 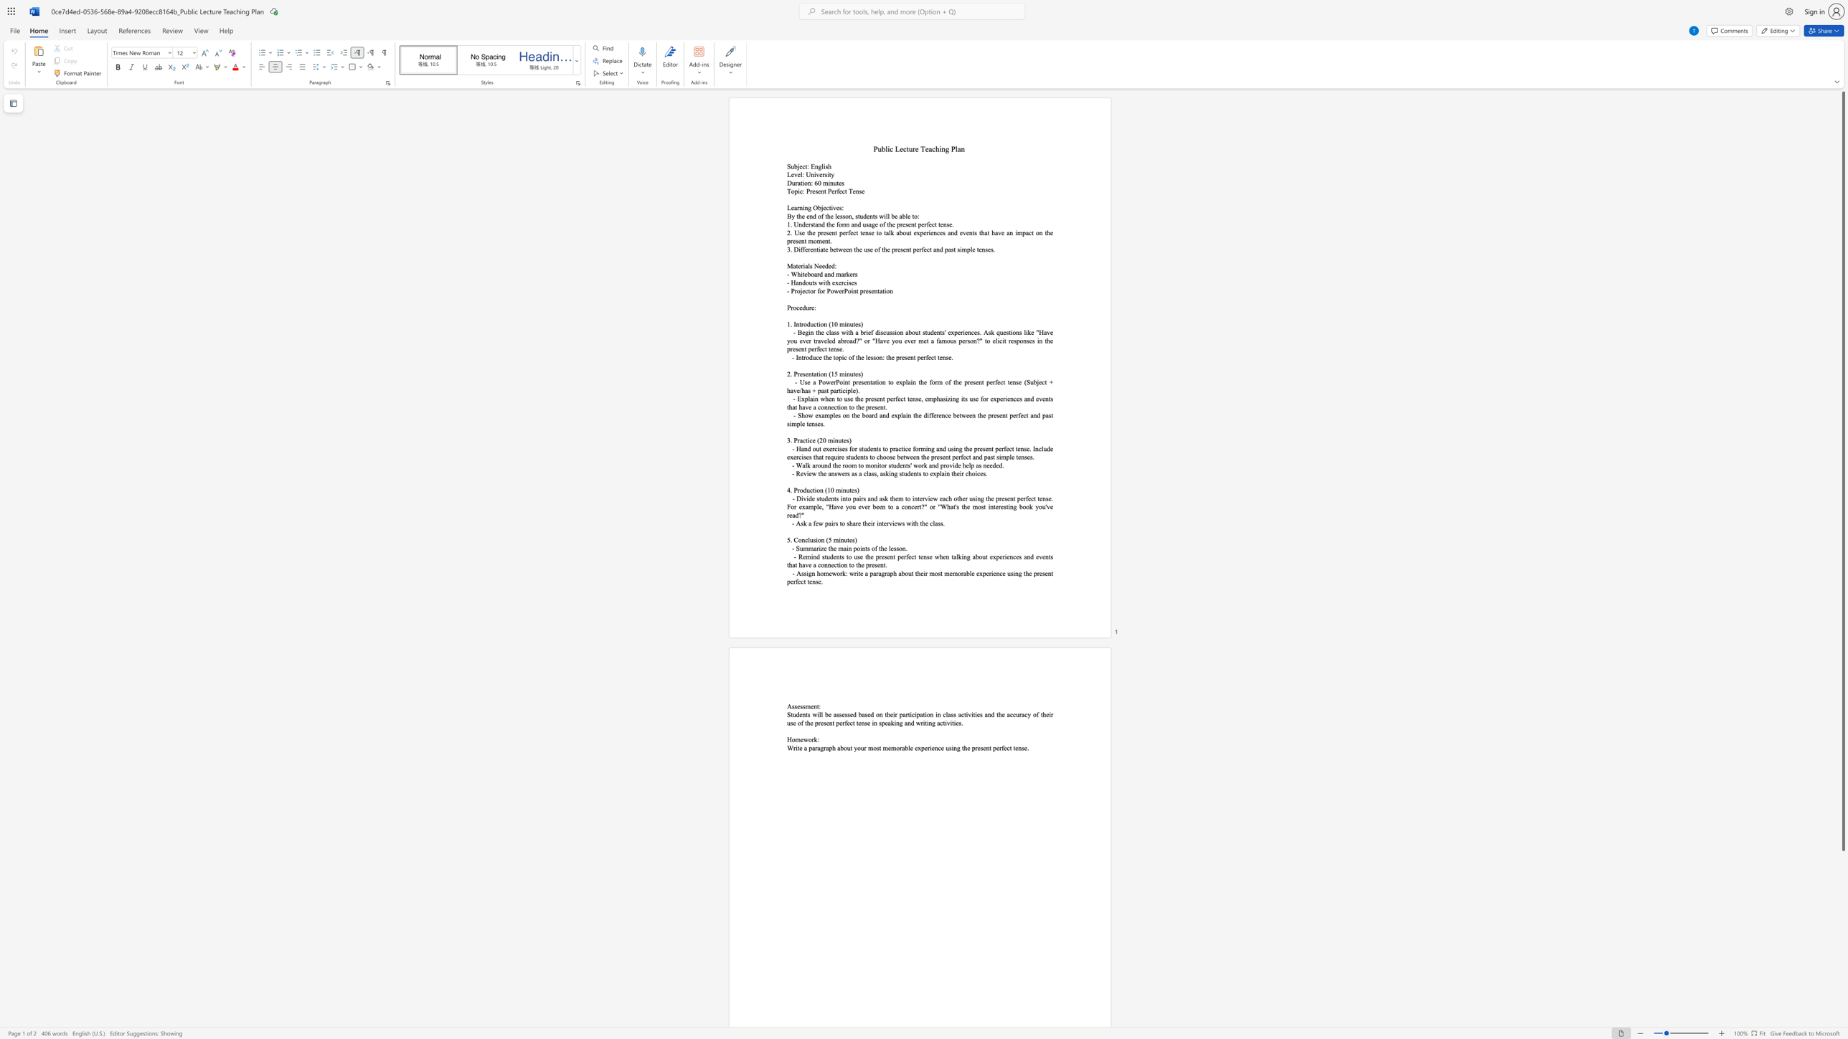 I want to click on the subset text "nd usage of the present p" within the text "1. Understand the form and usage of the present perfect tense.", so click(x=854, y=224).